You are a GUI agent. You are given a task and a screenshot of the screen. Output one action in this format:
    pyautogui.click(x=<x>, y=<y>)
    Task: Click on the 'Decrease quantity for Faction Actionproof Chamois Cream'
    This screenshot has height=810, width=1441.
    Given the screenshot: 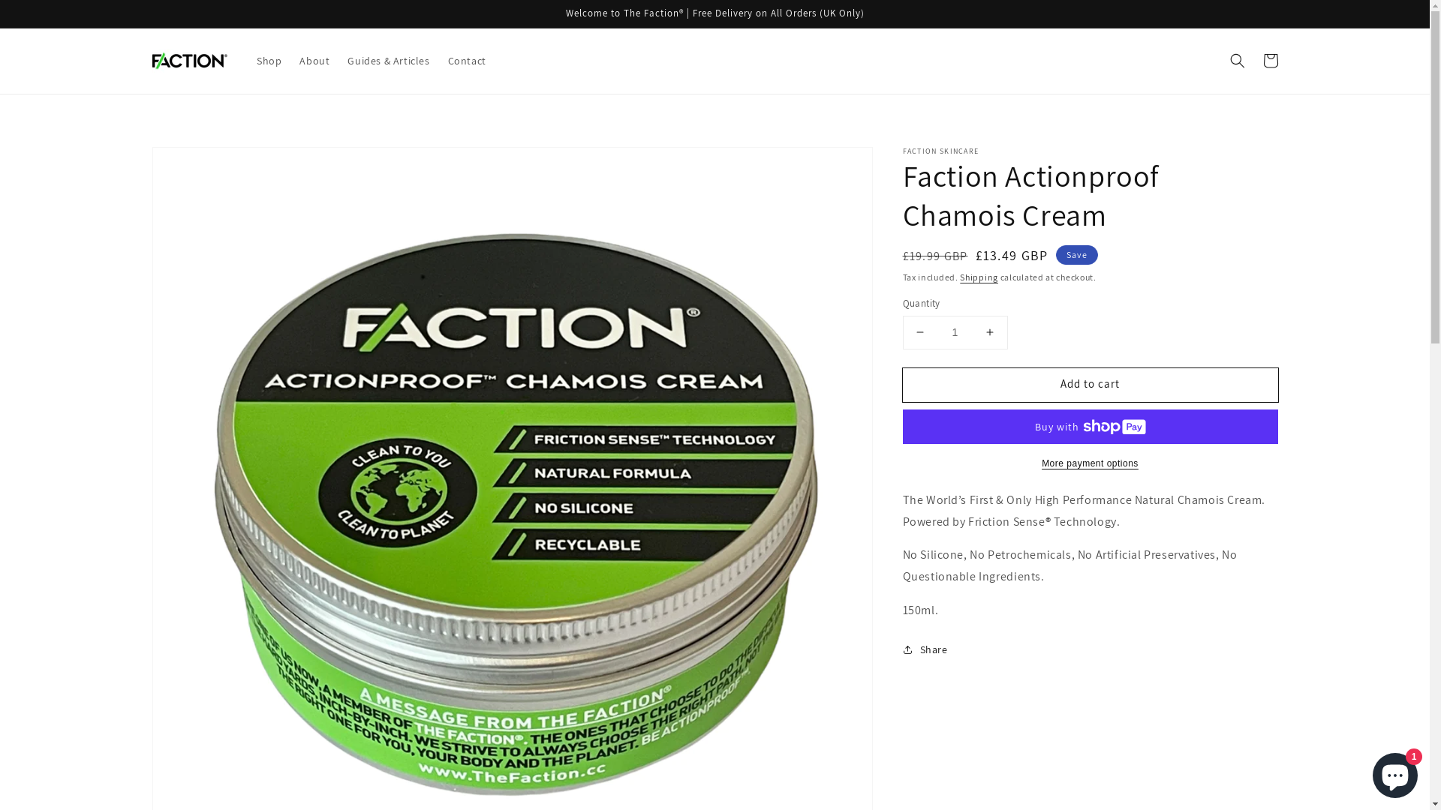 What is the action you would take?
    pyautogui.click(x=919, y=331)
    